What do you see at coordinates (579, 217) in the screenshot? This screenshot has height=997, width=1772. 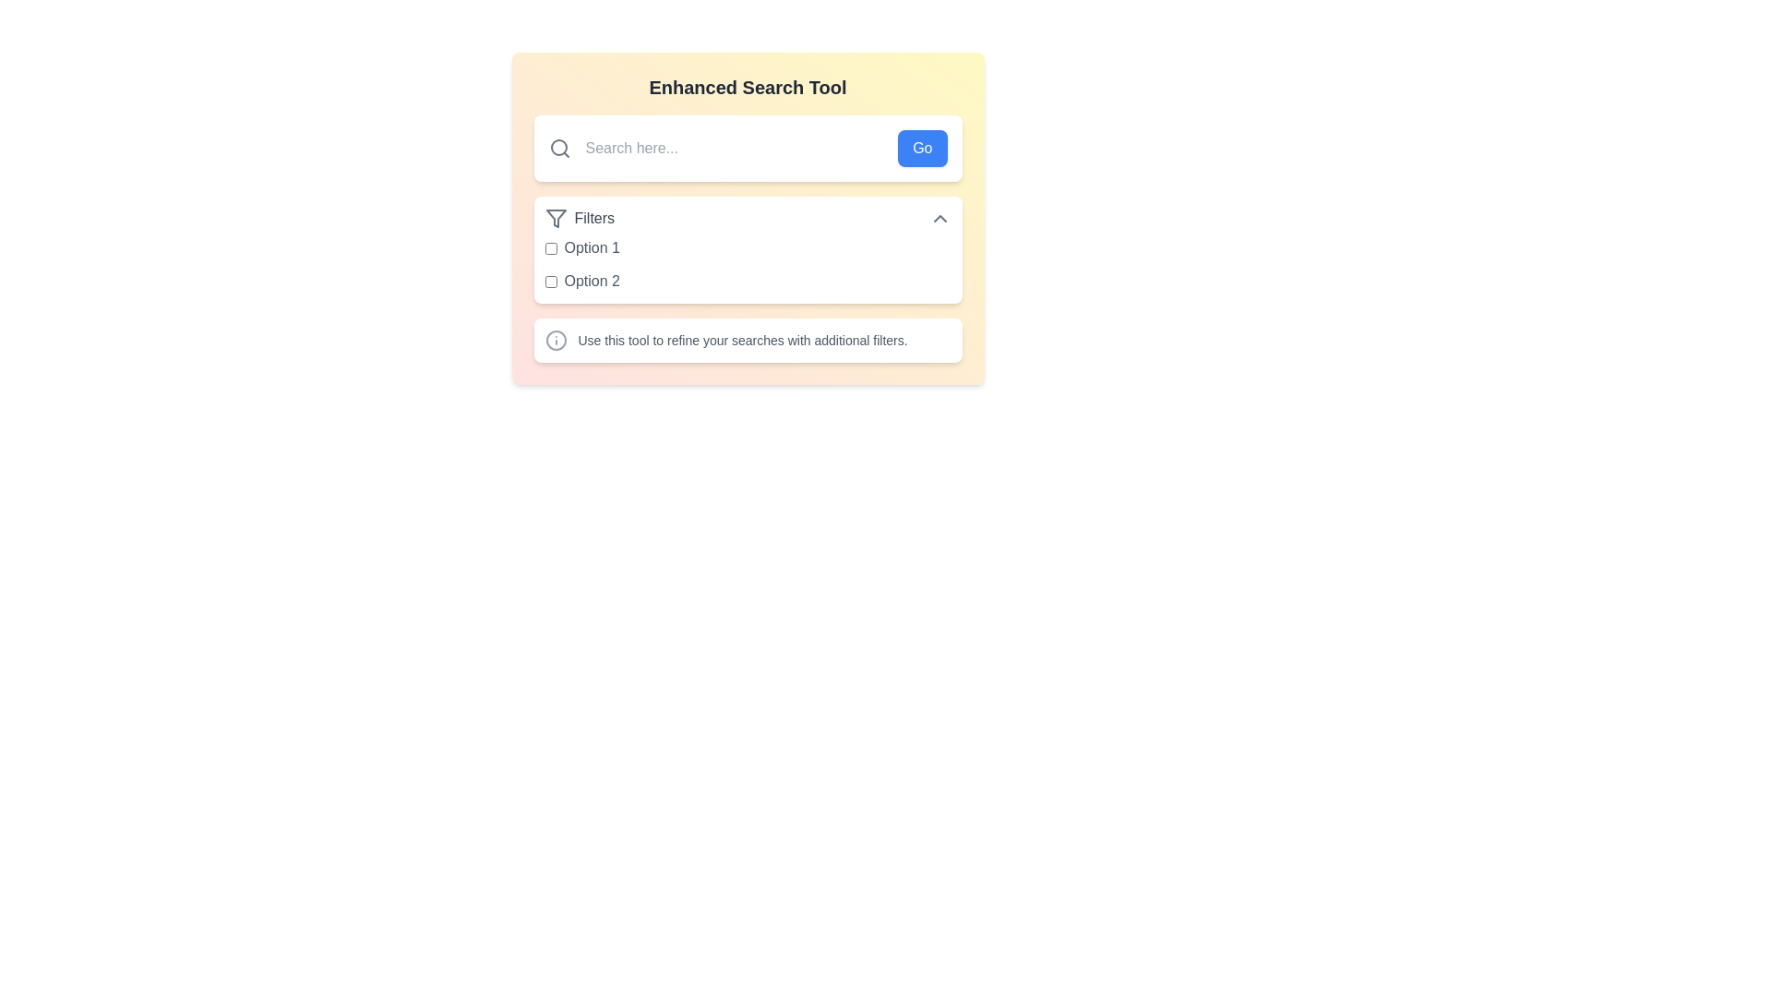 I see `the 'Filters' label which consists of a filter icon on the left and the text 'Filters' in gray font, located beneath the search input bar and above the first checkbox option labeled 'Option 1'` at bounding box center [579, 217].